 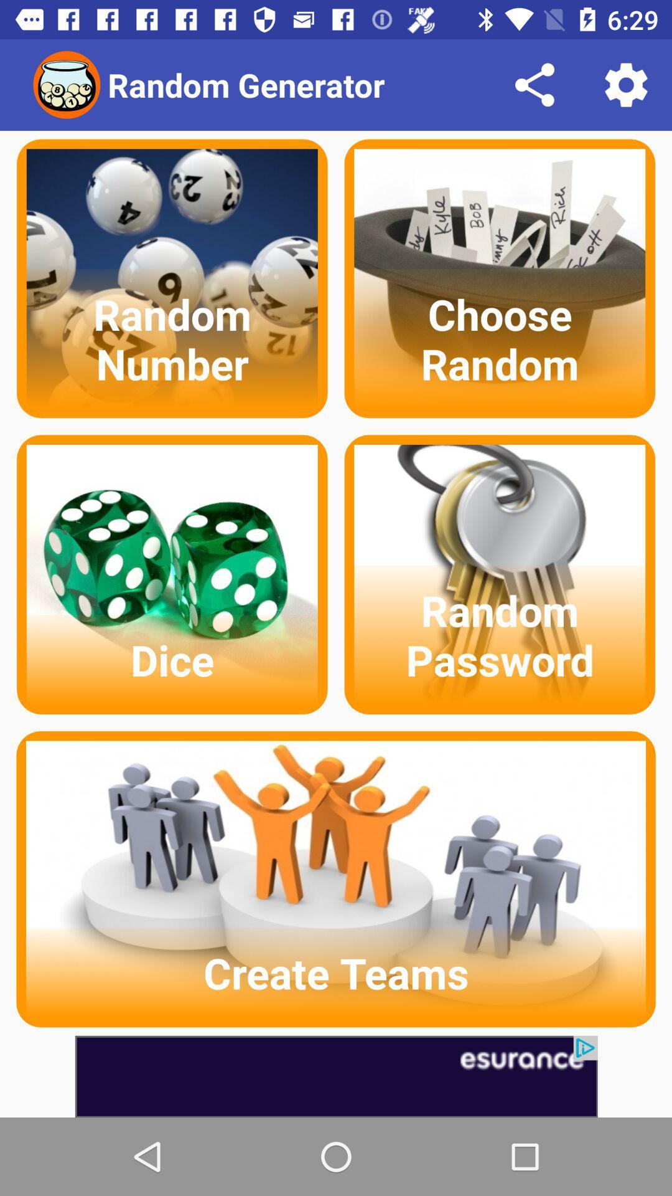 What do you see at coordinates (336, 1076) in the screenshot?
I see `open advertisement` at bounding box center [336, 1076].